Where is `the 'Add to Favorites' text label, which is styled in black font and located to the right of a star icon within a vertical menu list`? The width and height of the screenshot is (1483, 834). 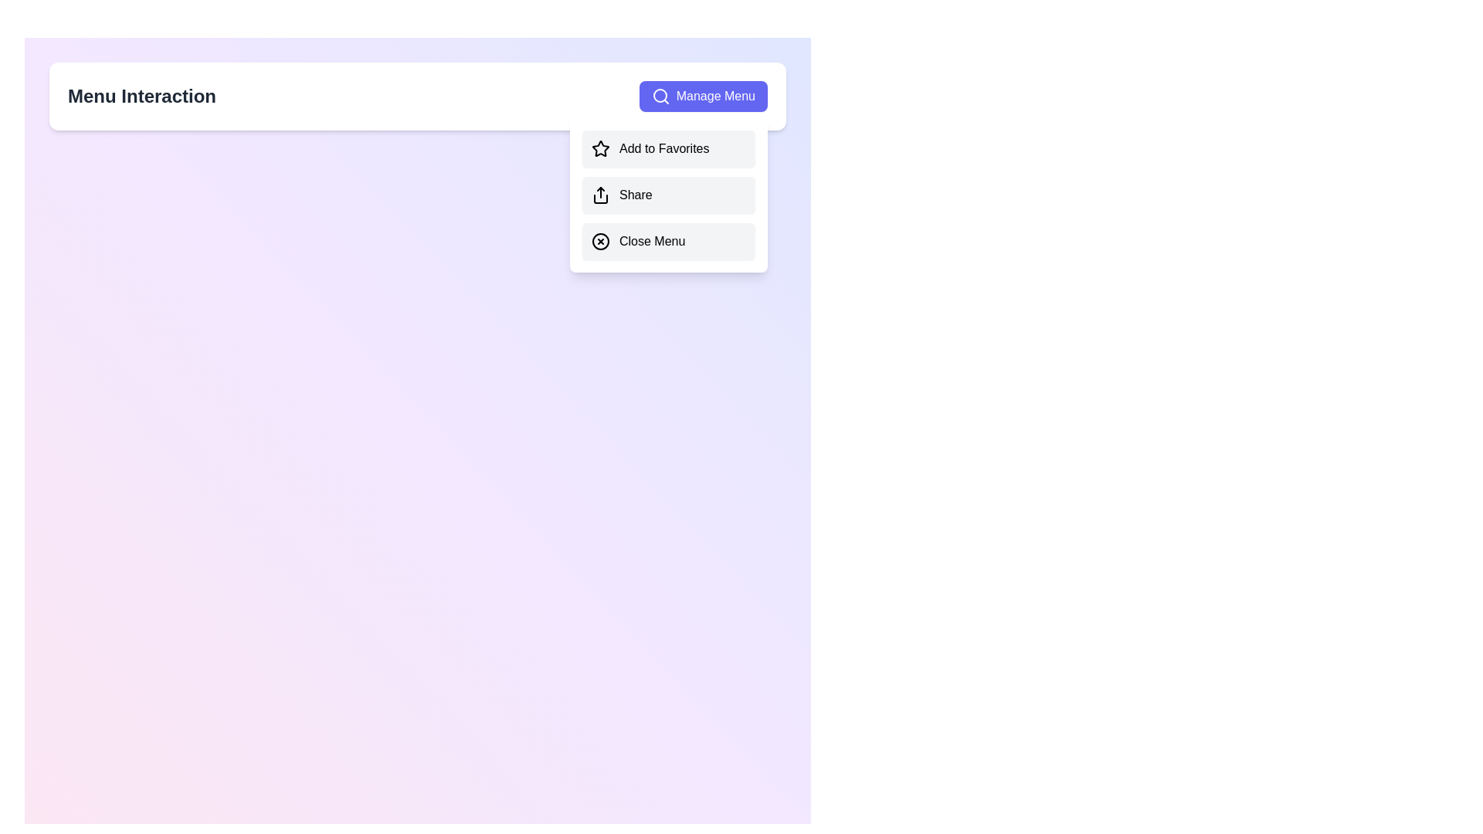
the 'Add to Favorites' text label, which is styled in black font and located to the right of a star icon within a vertical menu list is located at coordinates (664, 148).